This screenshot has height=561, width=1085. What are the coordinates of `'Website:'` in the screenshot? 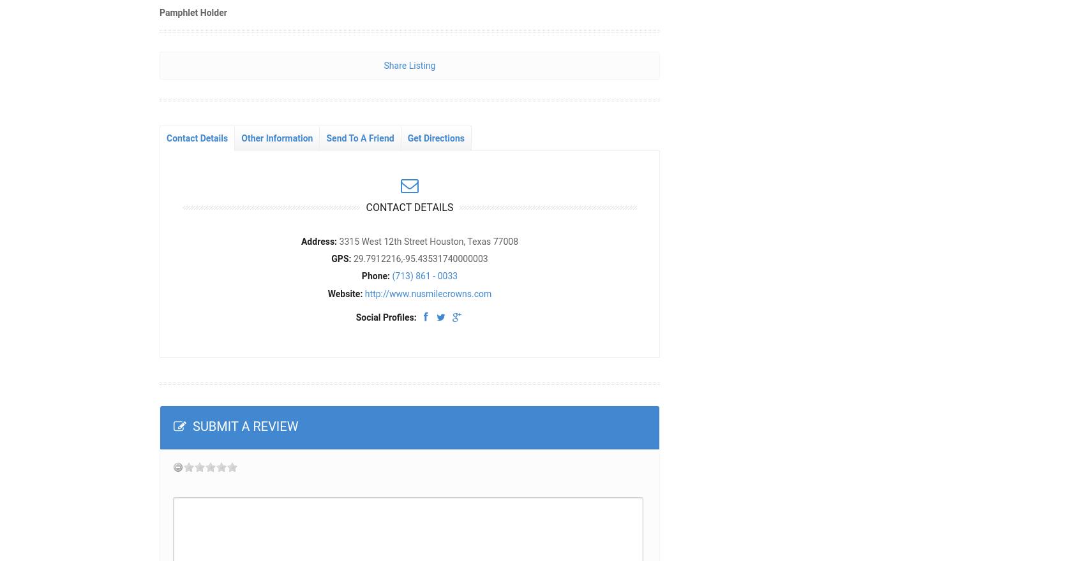 It's located at (345, 292).